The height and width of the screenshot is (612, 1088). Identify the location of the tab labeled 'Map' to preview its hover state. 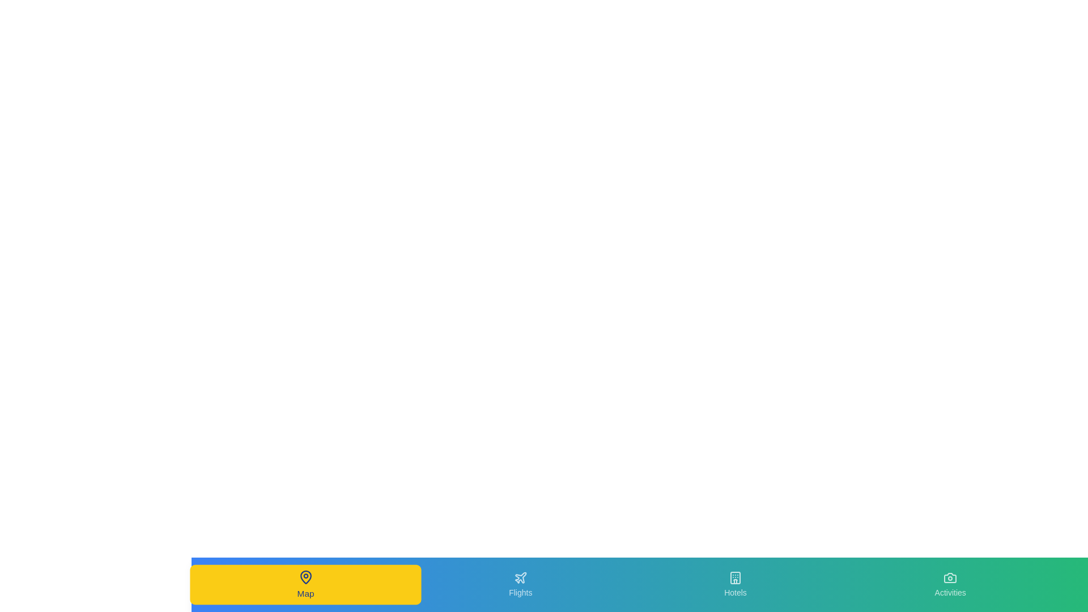
(305, 585).